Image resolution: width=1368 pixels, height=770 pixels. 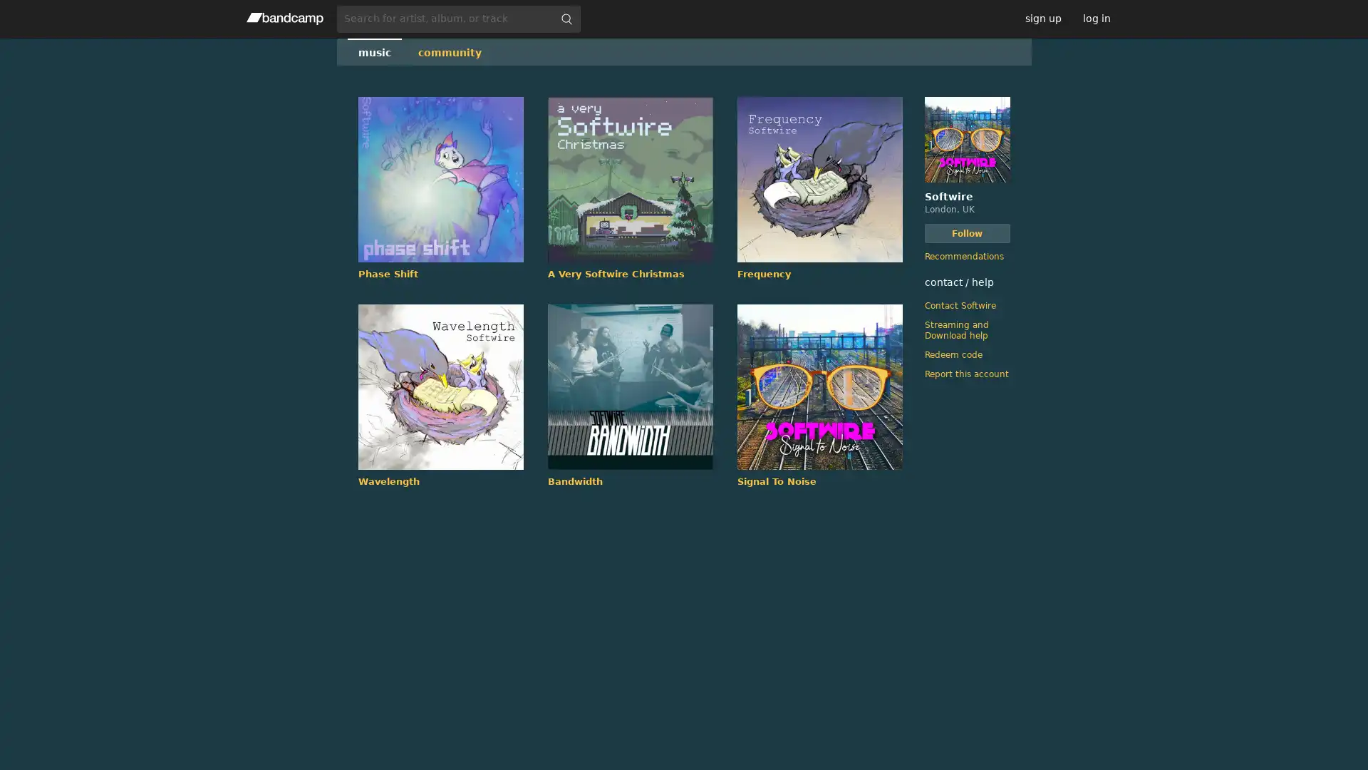 I want to click on submit for full search page, so click(x=566, y=19).